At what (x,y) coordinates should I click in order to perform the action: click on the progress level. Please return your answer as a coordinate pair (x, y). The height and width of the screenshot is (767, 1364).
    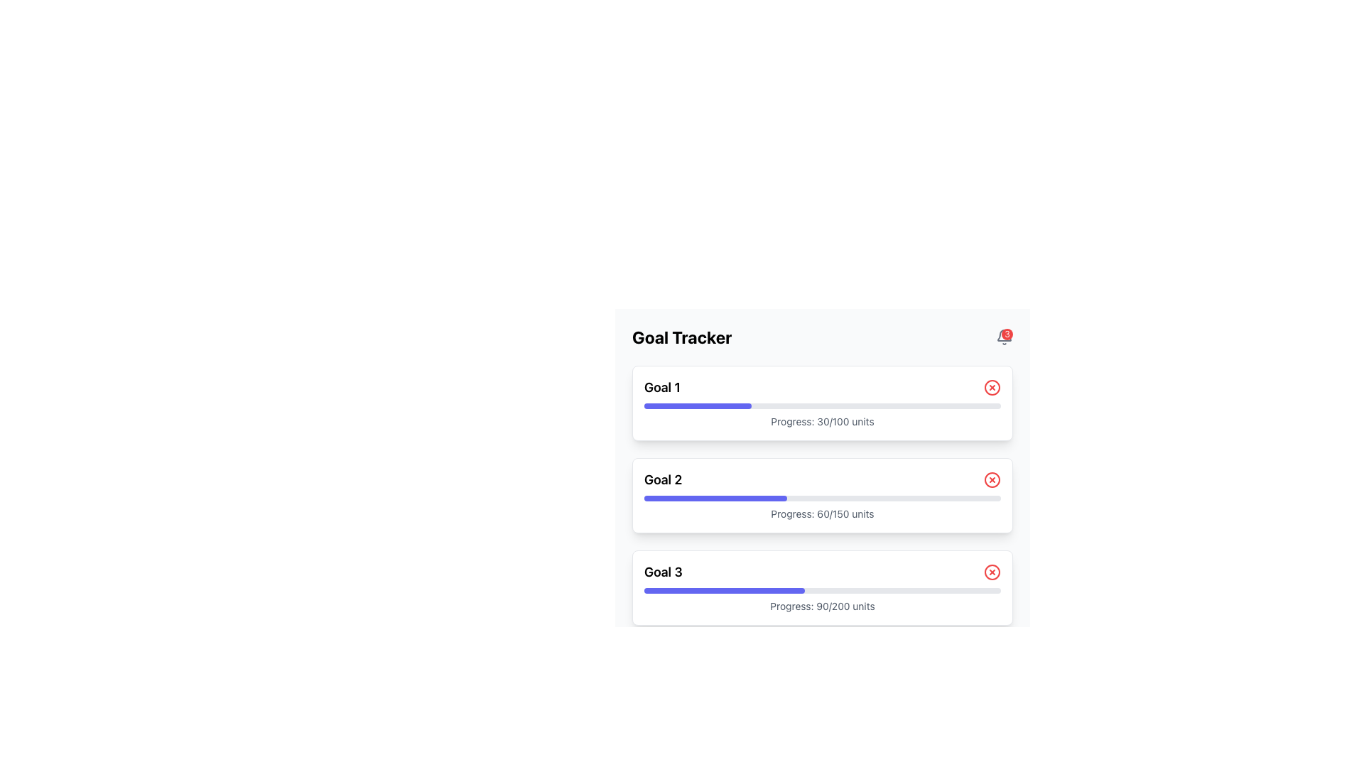
    Looking at the image, I should click on (728, 498).